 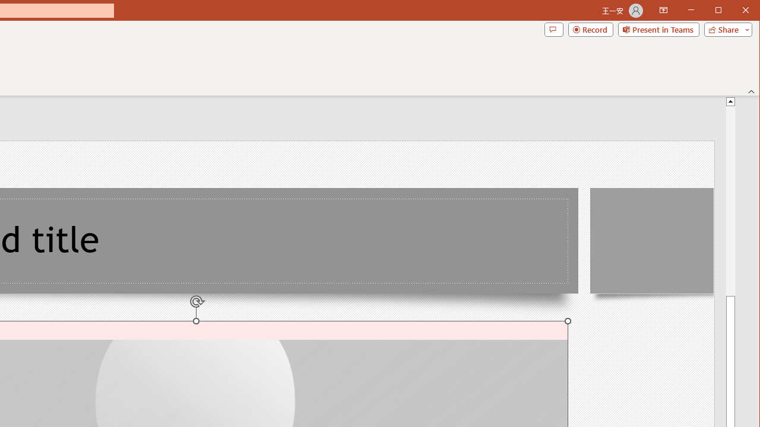 I want to click on 'Collapse the Ribbon', so click(x=751, y=91).